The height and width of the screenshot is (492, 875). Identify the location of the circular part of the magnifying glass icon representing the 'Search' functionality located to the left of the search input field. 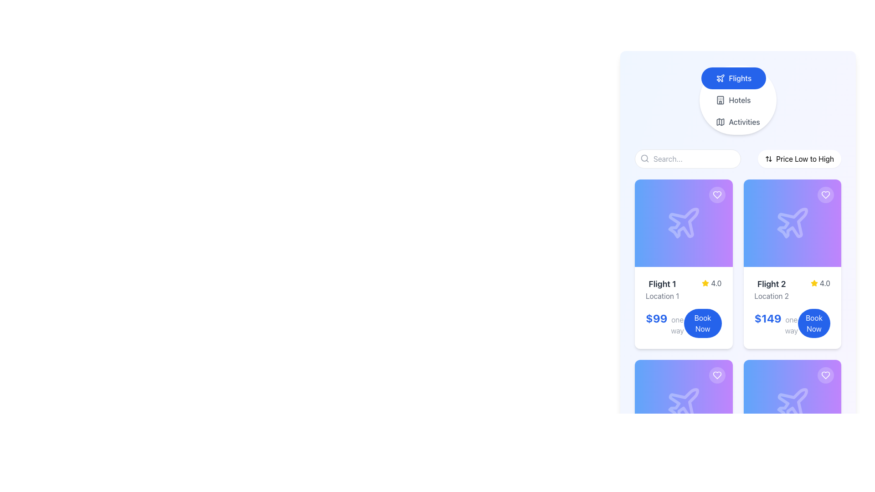
(644, 158).